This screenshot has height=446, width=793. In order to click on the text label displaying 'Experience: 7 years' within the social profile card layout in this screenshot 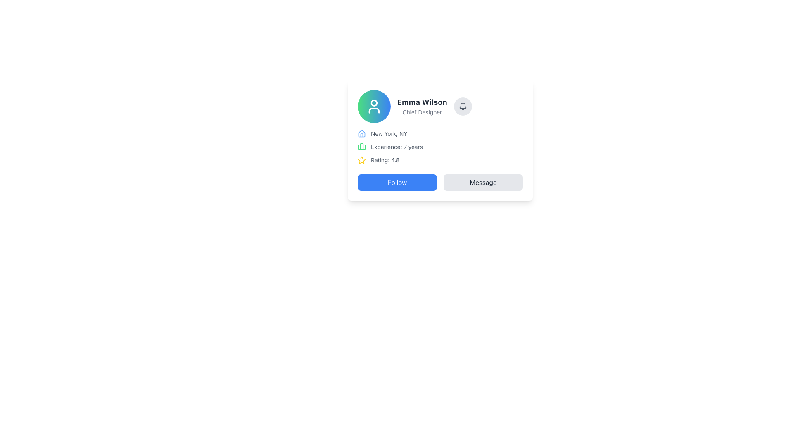, I will do `click(396, 146)`.